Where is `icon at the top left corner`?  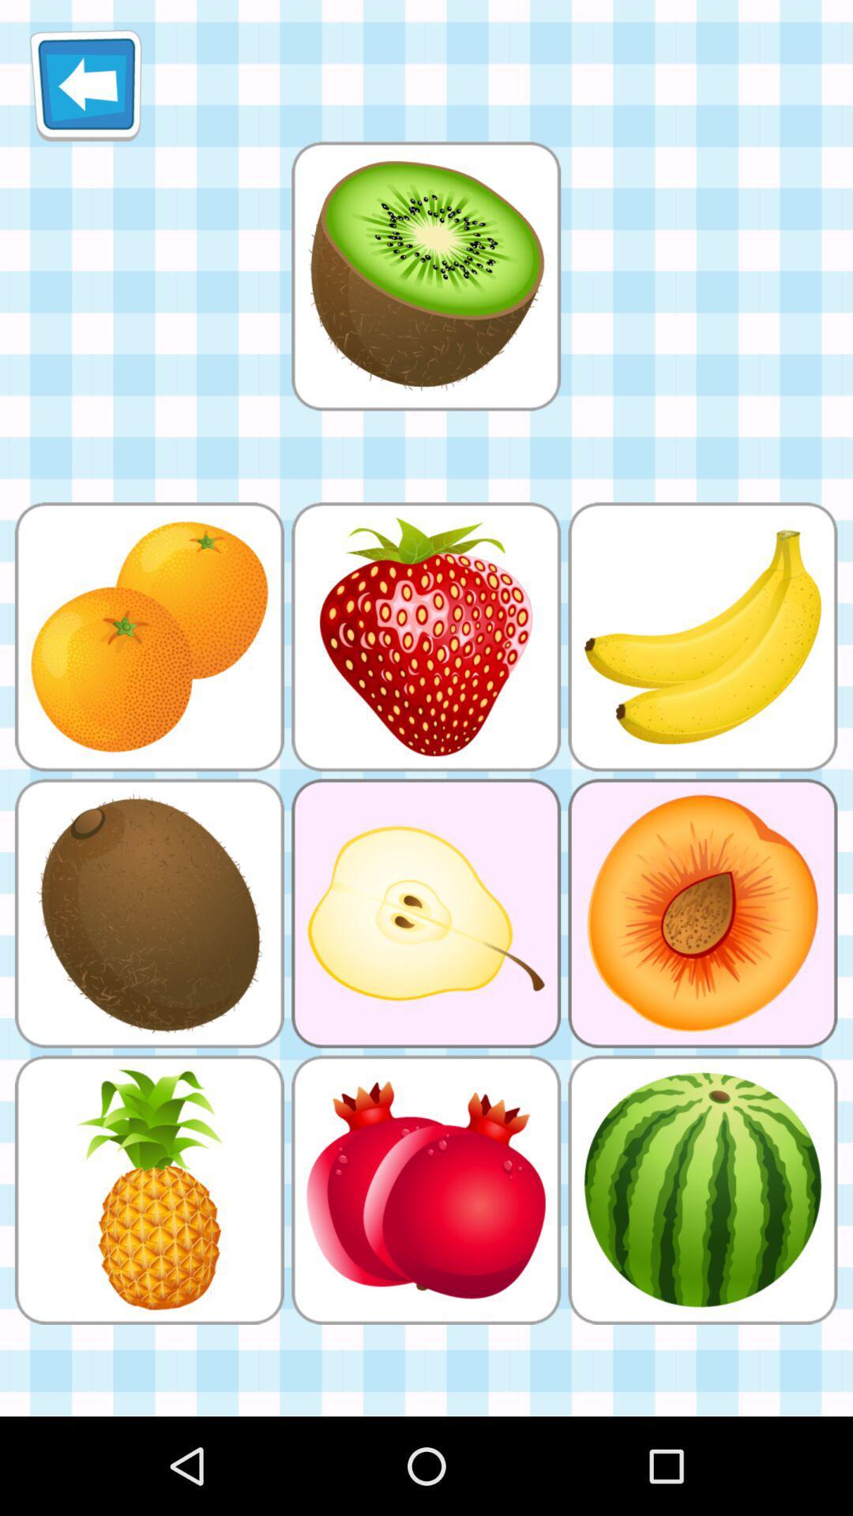 icon at the top left corner is located at coordinates (85, 84).